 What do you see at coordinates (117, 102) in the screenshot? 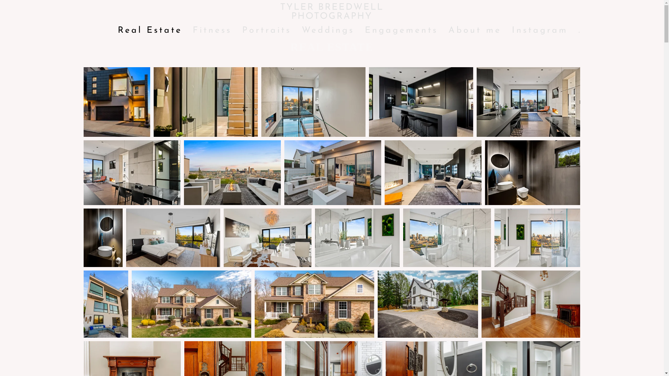
I see `'Real Estate - TYLER BREEDWELL PHOTOGRAPHY'` at bounding box center [117, 102].